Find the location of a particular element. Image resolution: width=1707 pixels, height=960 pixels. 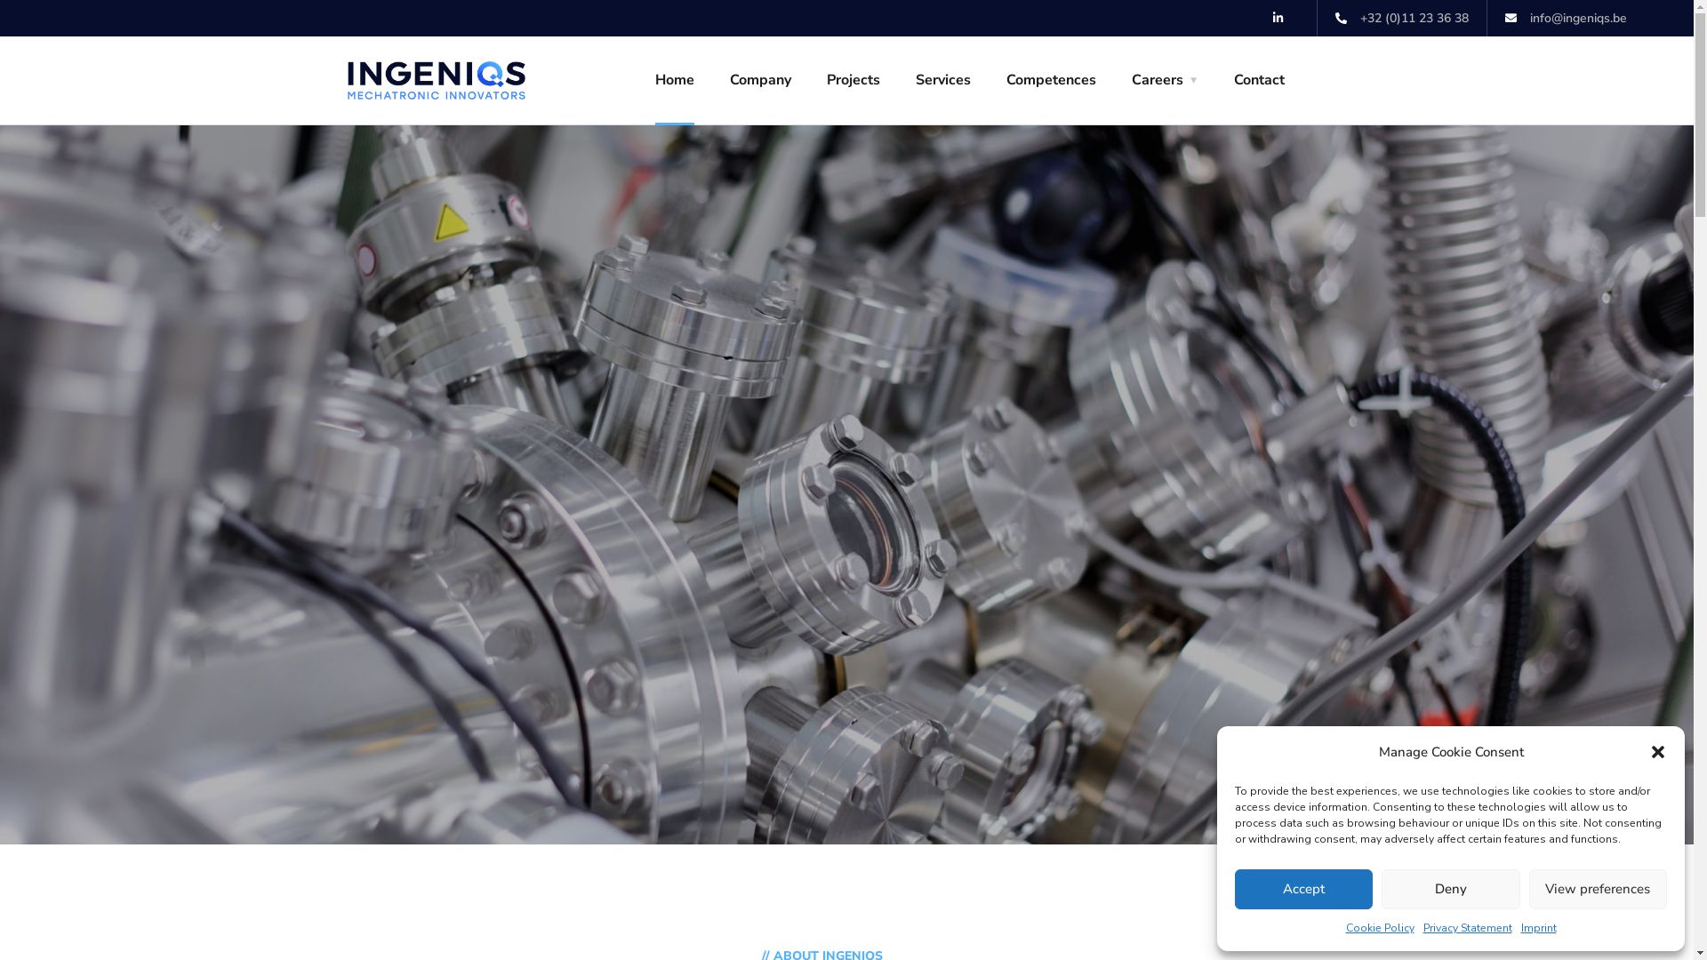

'Home' is located at coordinates (653, 80).